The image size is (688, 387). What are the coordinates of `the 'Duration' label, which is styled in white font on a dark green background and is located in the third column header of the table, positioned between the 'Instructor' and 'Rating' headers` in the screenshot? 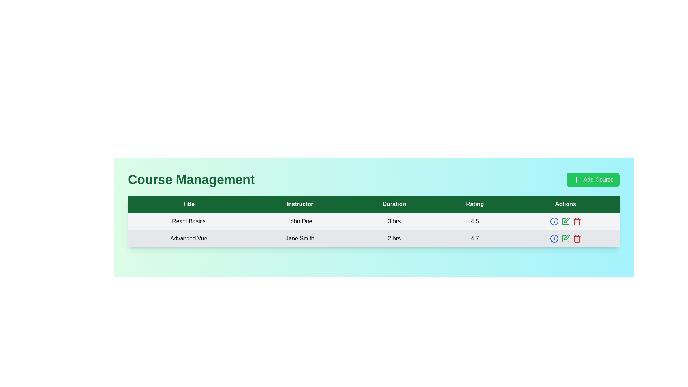 It's located at (394, 204).